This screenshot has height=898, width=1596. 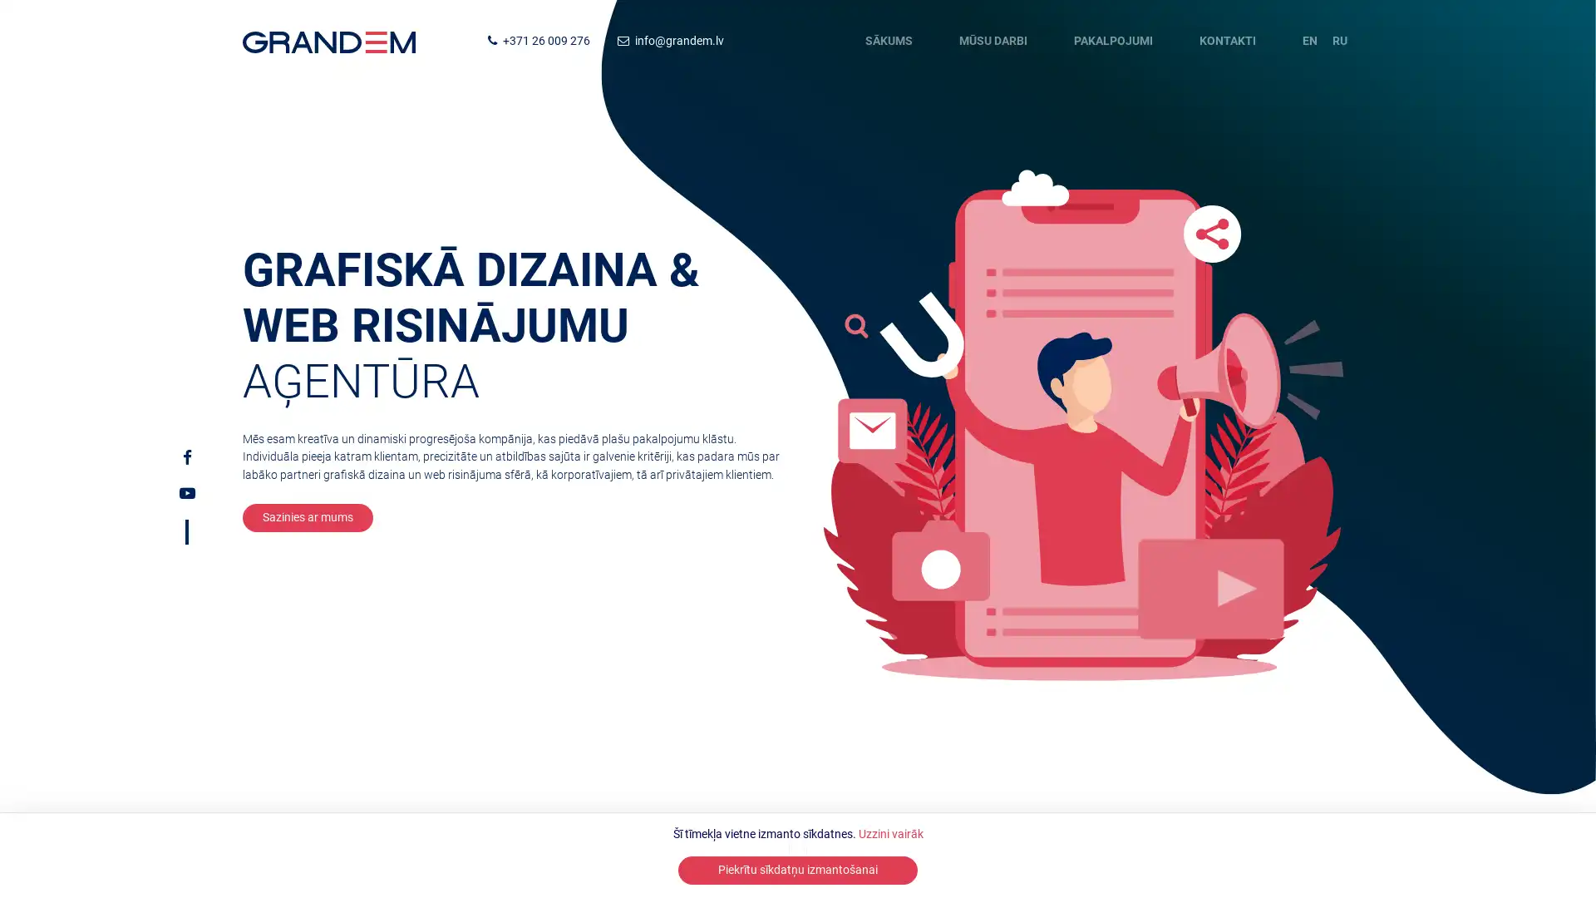 I want to click on Piekritu sikdatnu izmantosanai, so click(x=798, y=869).